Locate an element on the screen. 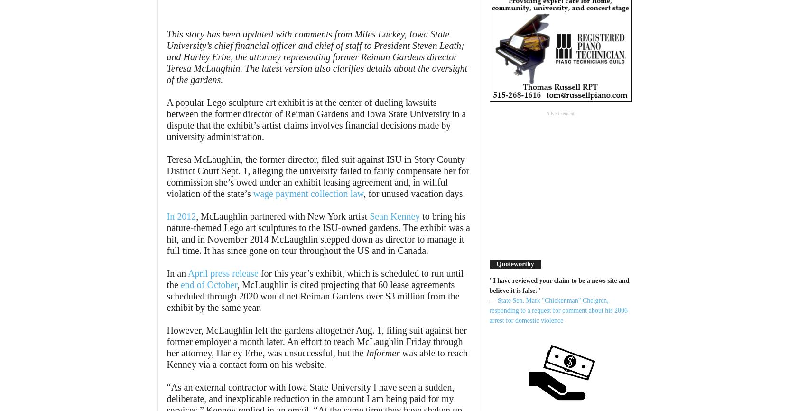 The width and height of the screenshot is (798, 411). 'Informer' is located at coordinates (382, 352).